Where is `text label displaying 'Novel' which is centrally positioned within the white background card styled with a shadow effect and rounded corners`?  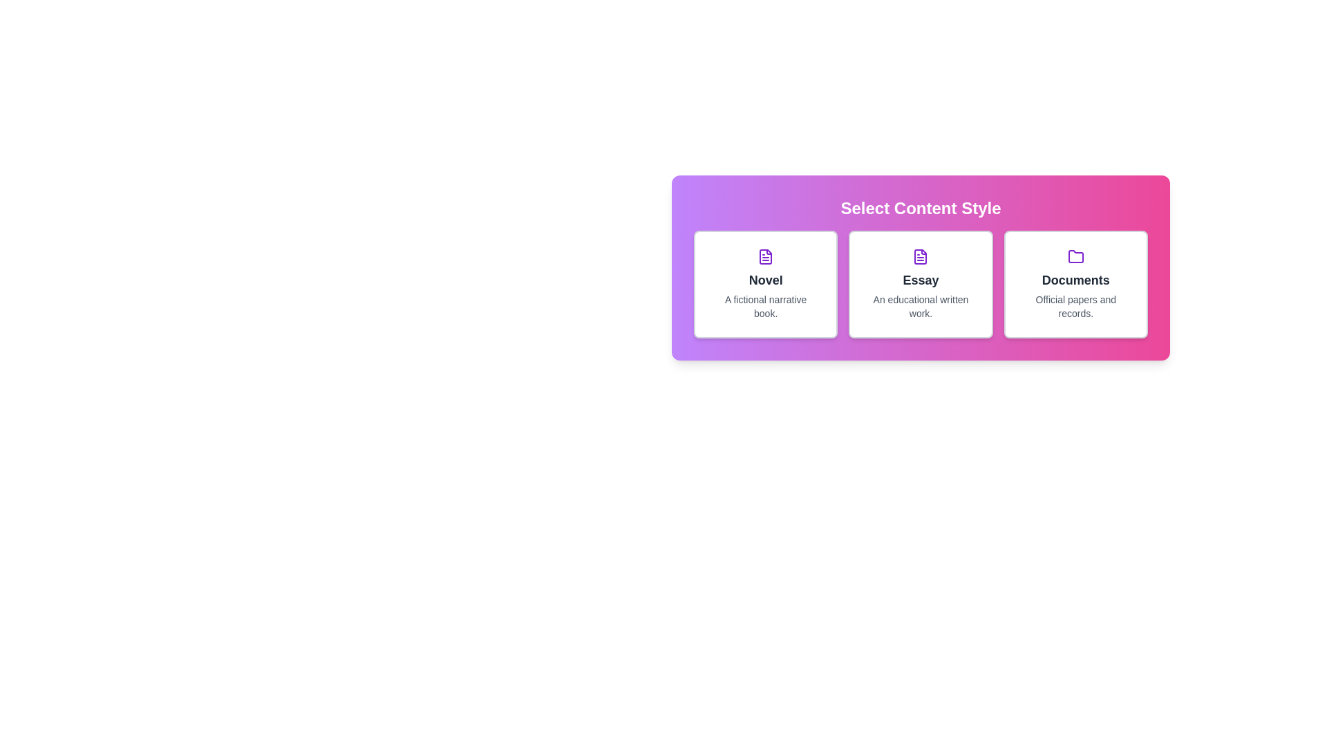
text label displaying 'Novel' which is centrally positioned within the white background card styled with a shadow effect and rounded corners is located at coordinates (765, 280).